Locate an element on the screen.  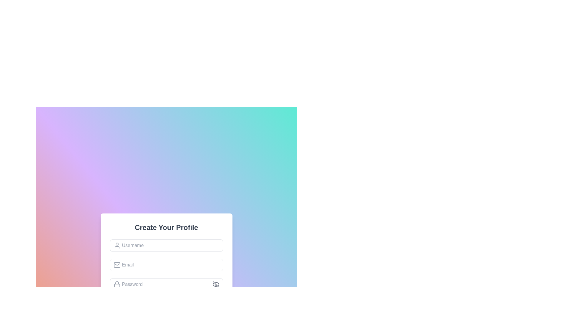
the password visibility toggle icon is located at coordinates (215, 284).